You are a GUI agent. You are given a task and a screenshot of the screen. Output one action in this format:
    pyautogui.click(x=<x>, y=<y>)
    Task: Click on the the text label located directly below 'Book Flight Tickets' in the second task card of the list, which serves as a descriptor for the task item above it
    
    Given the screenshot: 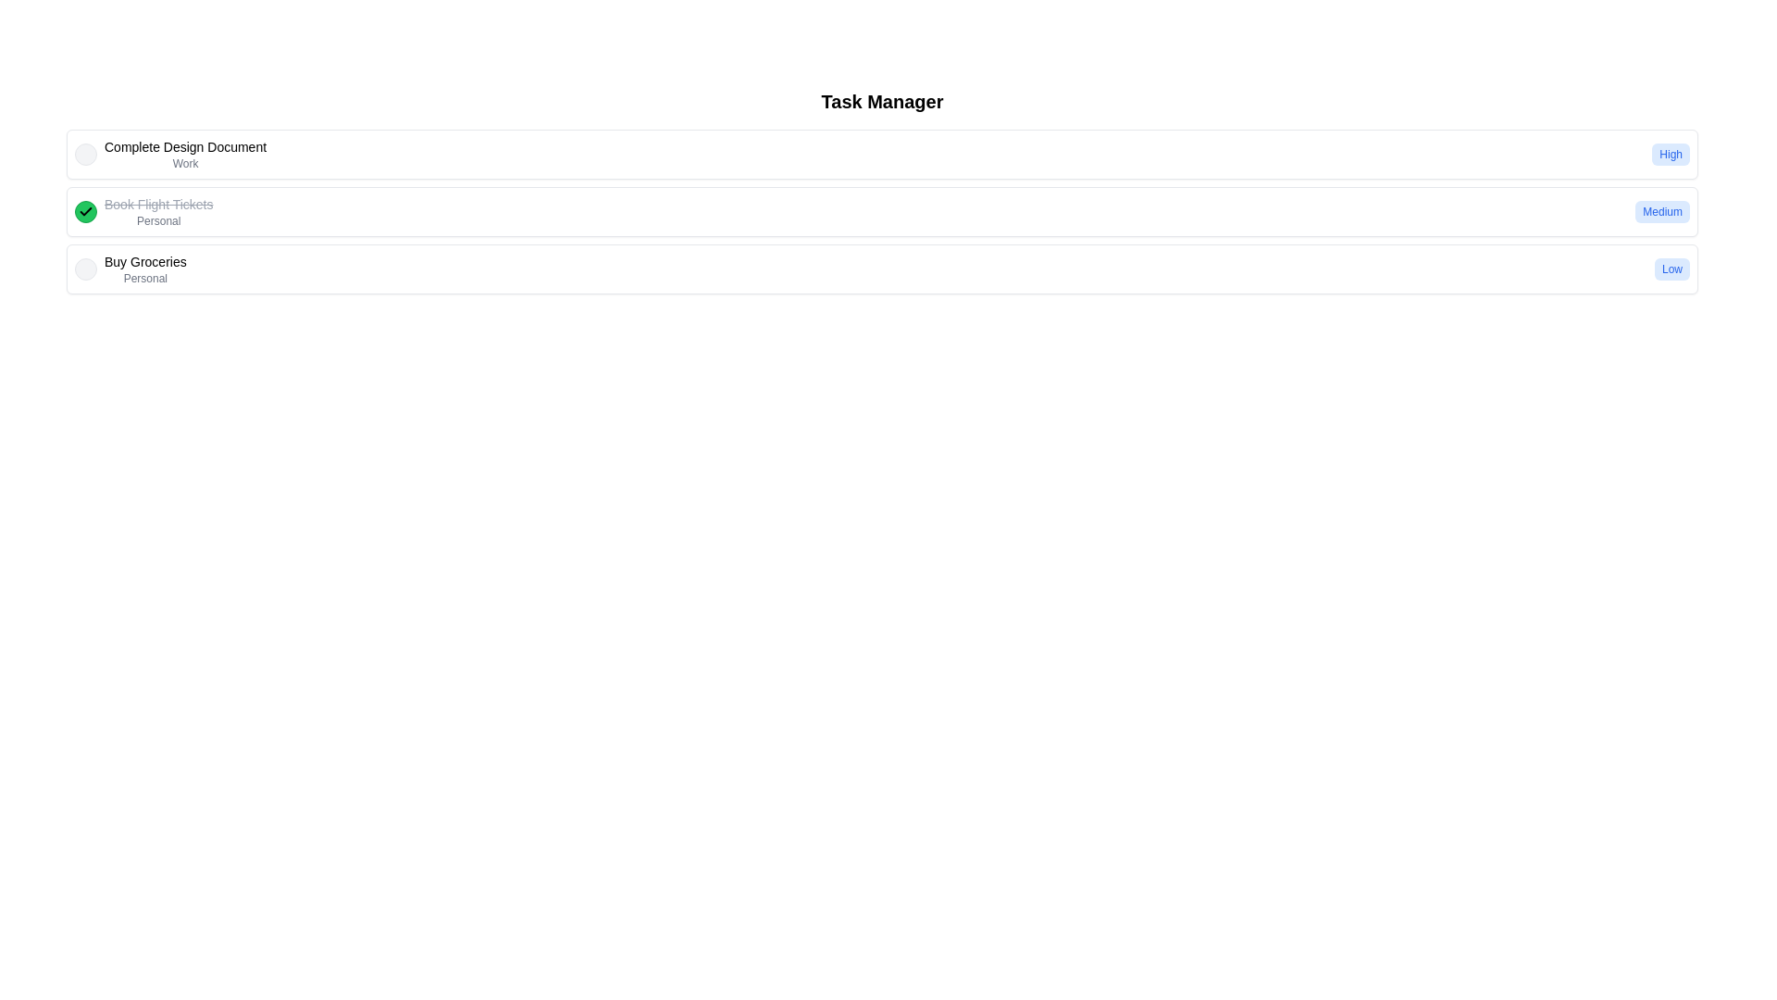 What is the action you would take?
    pyautogui.click(x=158, y=220)
    